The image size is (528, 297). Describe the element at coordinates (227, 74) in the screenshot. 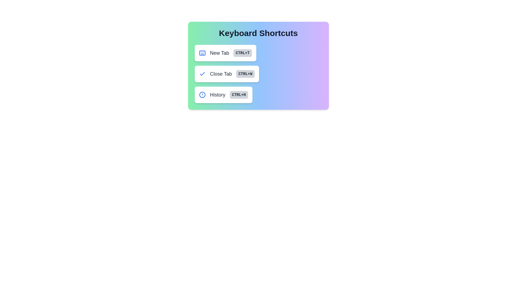

I see `the 'Close Tab' button, which is the second item in a vertical list of buttons under the 'Keyboard Shortcuts' heading` at that location.